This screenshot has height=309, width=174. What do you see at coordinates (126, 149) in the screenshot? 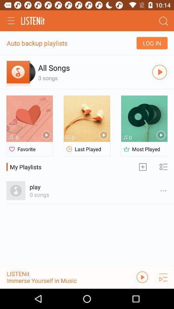
I see `the icon which is beside the most played` at bounding box center [126, 149].